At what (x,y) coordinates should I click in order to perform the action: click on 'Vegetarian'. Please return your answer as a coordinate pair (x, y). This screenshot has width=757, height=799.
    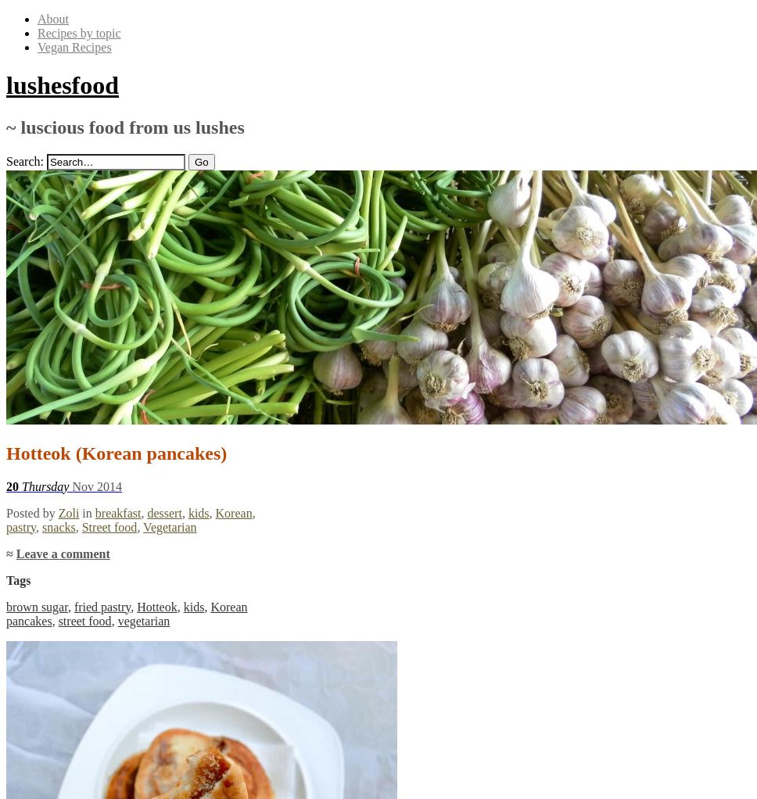
    Looking at the image, I should click on (169, 525).